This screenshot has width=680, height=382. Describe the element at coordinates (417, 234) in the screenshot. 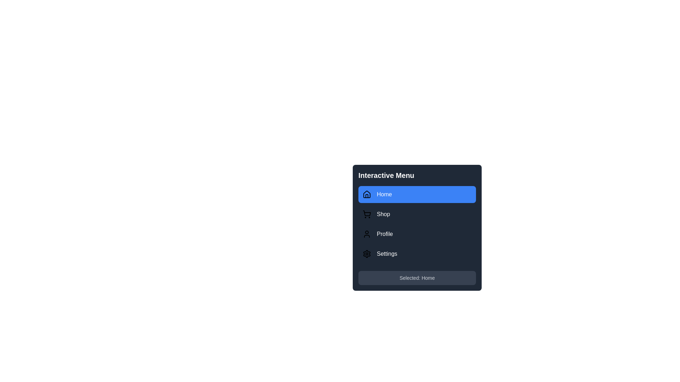

I see `the 'Profile' button in the vertical menu` at that location.